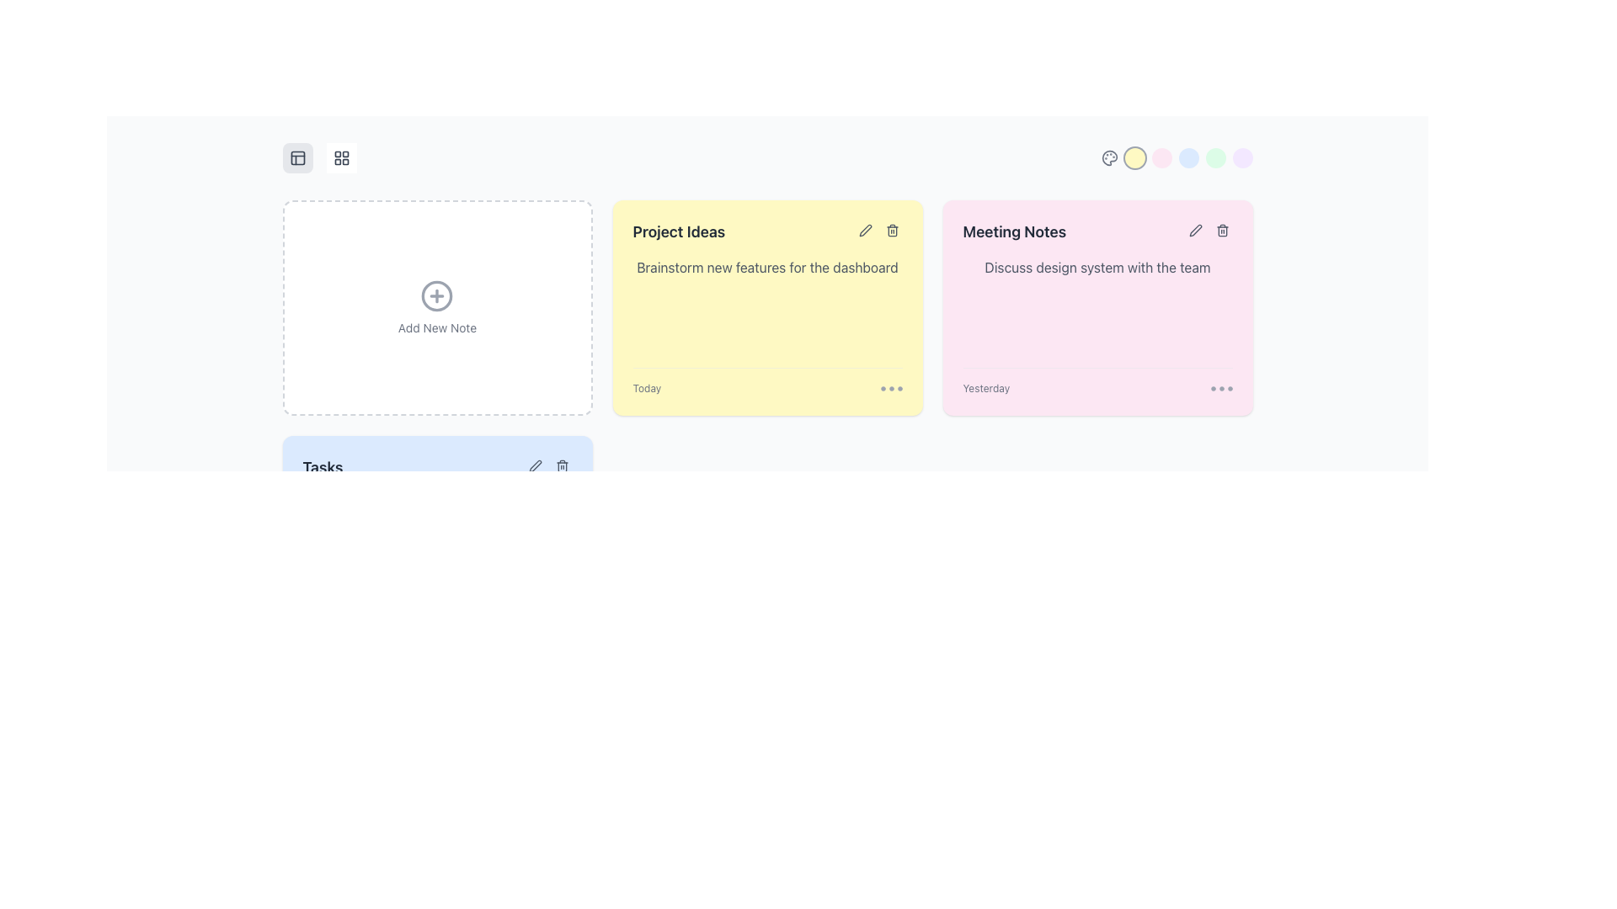 The height and width of the screenshot is (909, 1617). Describe the element at coordinates (1194, 230) in the screenshot. I see `the small rounded icon button with a pen icon located in the top-right corner of the 'Meeting Notes' pink card` at that location.